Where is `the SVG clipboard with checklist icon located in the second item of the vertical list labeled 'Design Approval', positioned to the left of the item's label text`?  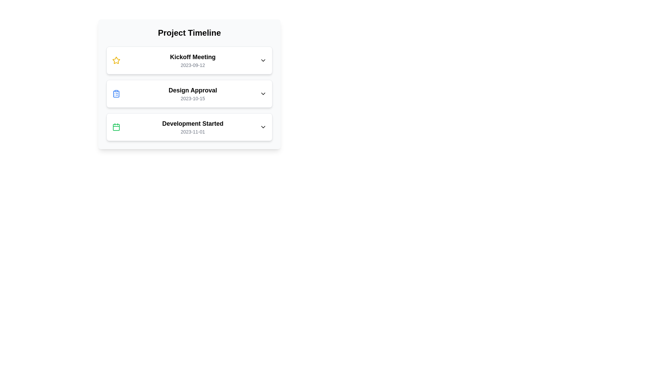 the SVG clipboard with checklist icon located in the second item of the vertical list labeled 'Design Approval', positioned to the left of the item's label text is located at coordinates (116, 94).